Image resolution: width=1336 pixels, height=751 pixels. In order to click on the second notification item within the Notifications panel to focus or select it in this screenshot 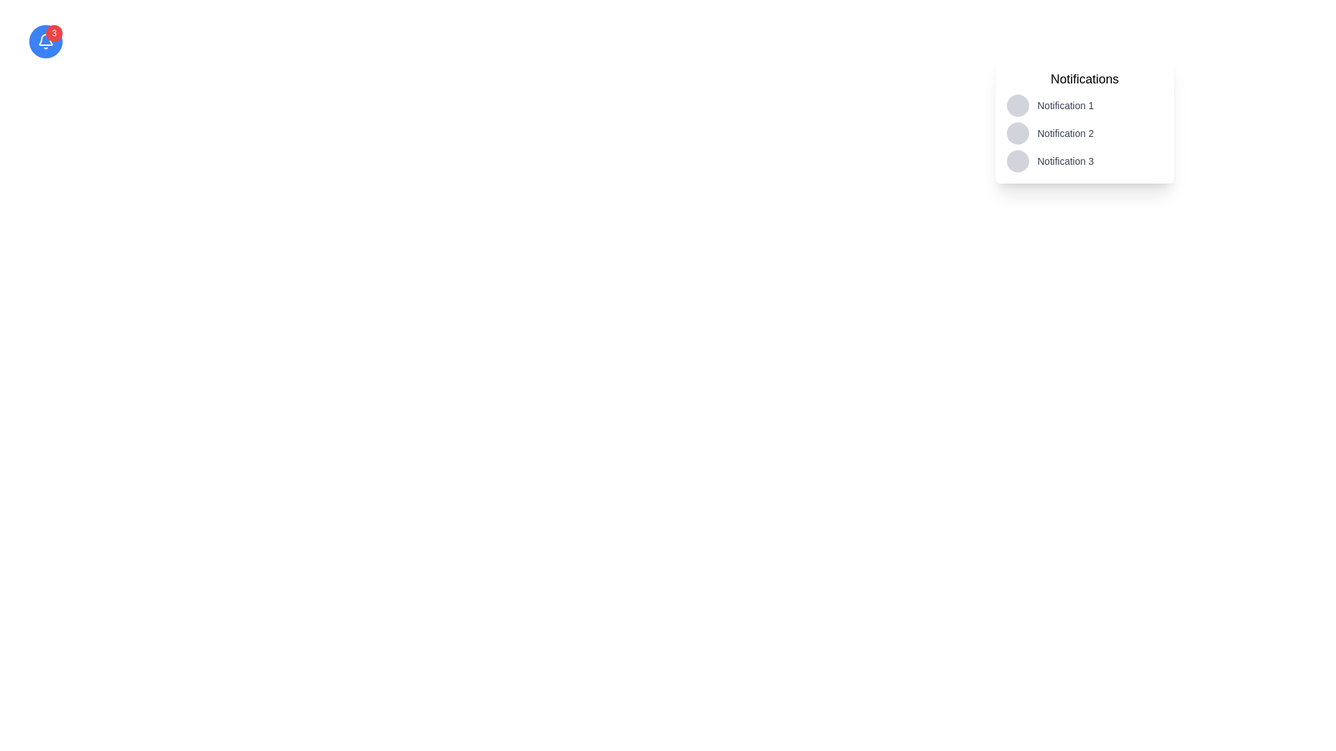, I will do `click(1084, 134)`.